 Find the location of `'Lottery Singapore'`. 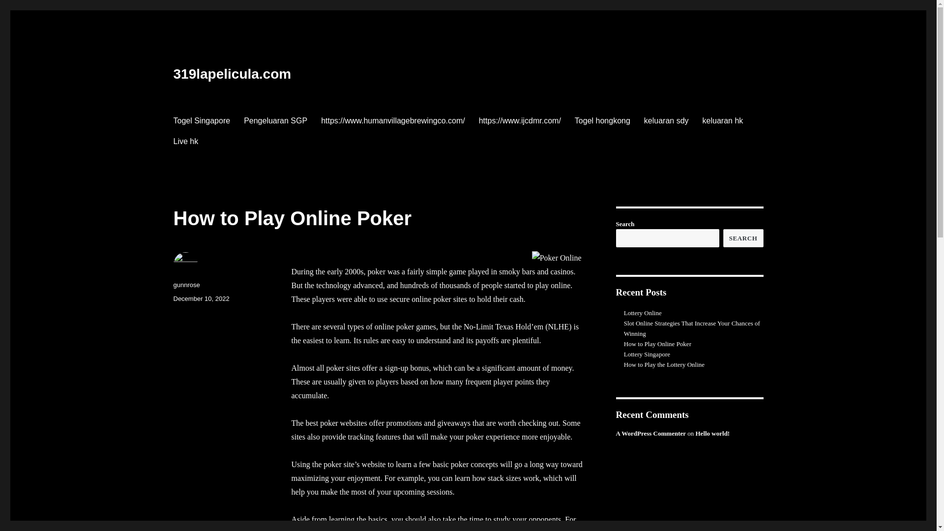

'Lottery Singapore' is located at coordinates (647, 354).